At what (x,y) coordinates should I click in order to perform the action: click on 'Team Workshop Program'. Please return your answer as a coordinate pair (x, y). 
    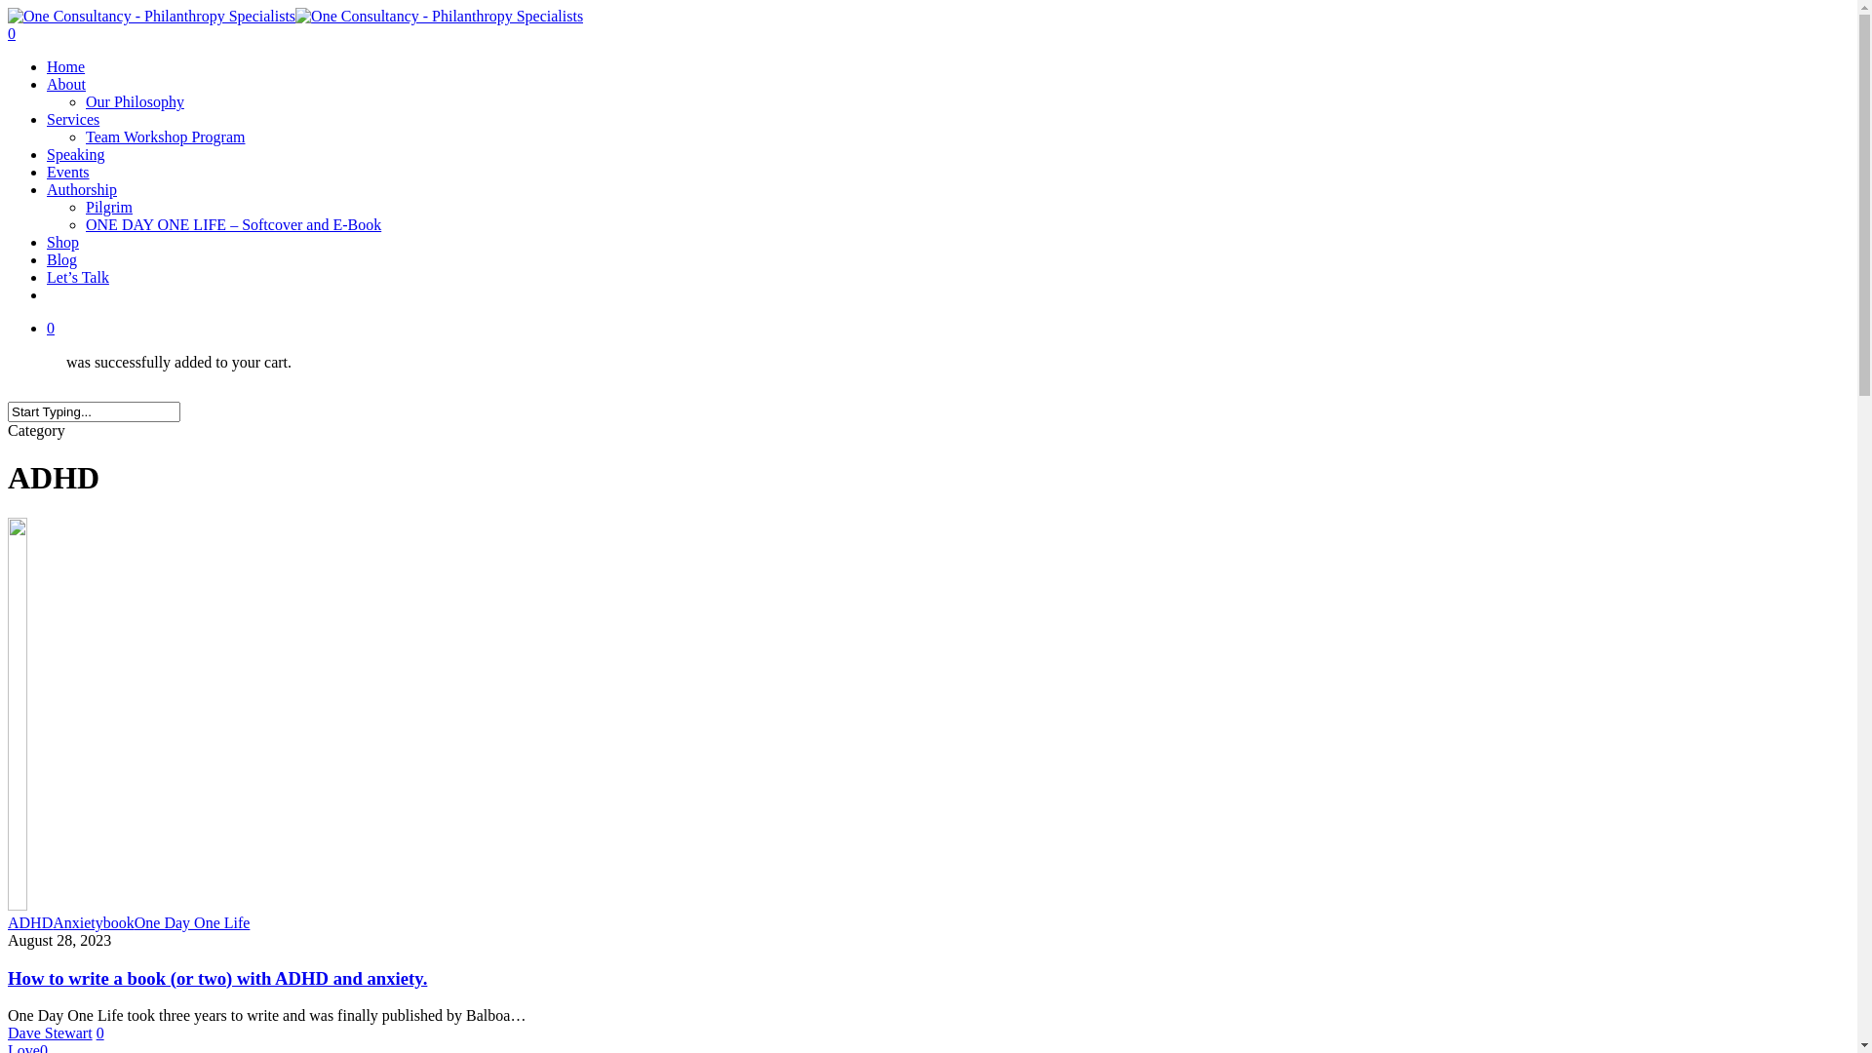
    Looking at the image, I should click on (84, 136).